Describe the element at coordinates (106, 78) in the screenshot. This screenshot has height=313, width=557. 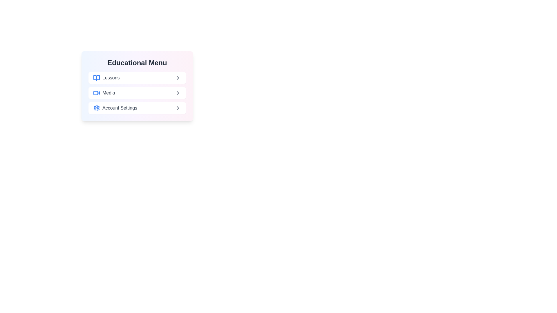
I see `the 'Lessons' menu item` at that location.